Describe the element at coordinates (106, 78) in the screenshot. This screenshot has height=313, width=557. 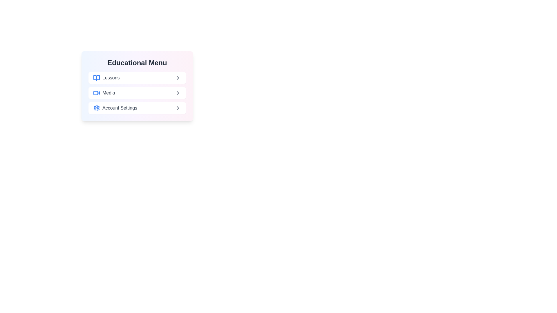
I see `the 'Lessons' menu item` at that location.